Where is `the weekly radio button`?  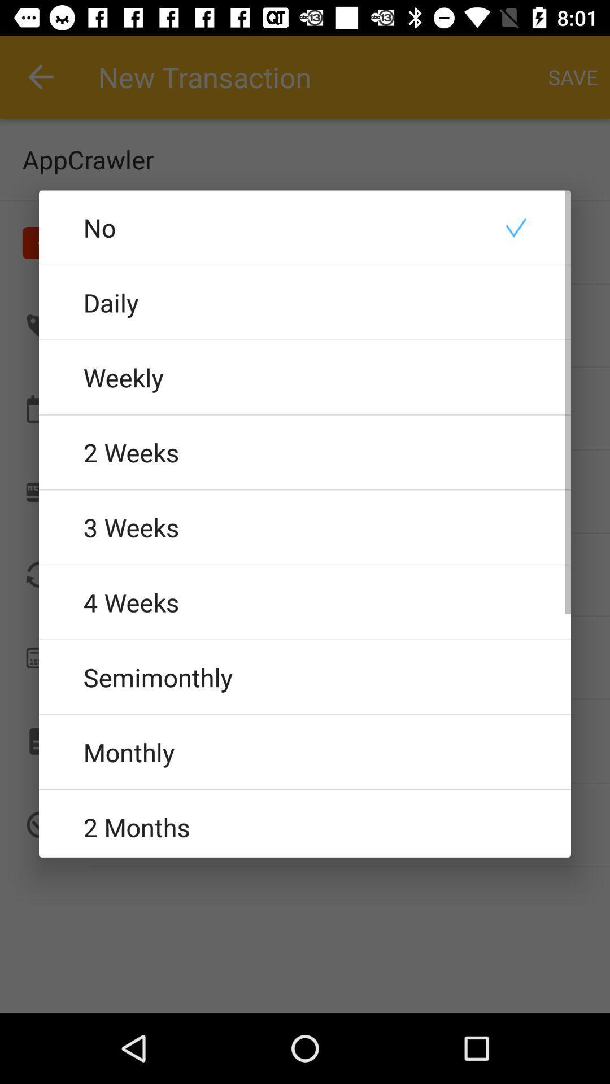
the weekly radio button is located at coordinates (305, 377).